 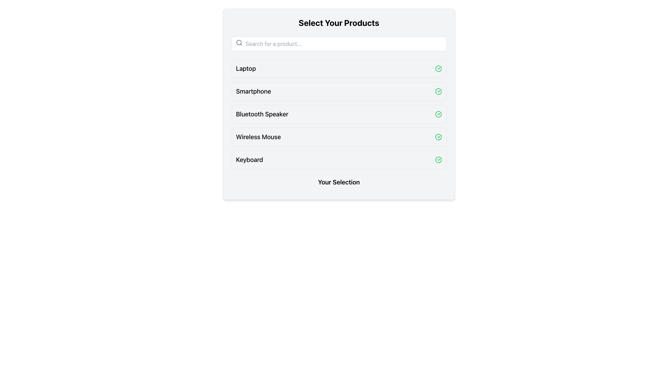 What do you see at coordinates (438, 114) in the screenshot?
I see `the circular icon with a green outline and checkmark symbol, located to the right of the 'Bluetooth Speaker' text` at bounding box center [438, 114].